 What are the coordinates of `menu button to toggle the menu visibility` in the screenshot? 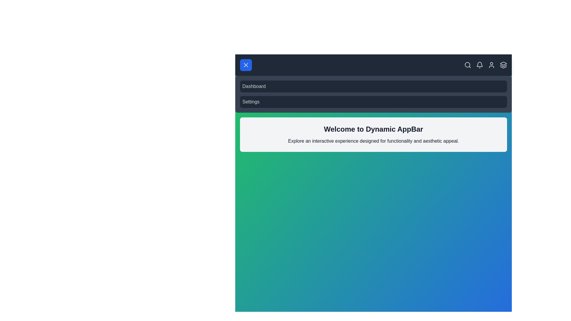 It's located at (246, 65).